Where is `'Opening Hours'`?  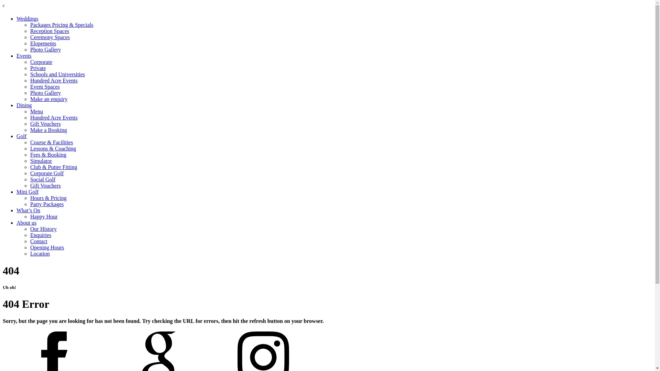 'Opening Hours' is located at coordinates (47, 247).